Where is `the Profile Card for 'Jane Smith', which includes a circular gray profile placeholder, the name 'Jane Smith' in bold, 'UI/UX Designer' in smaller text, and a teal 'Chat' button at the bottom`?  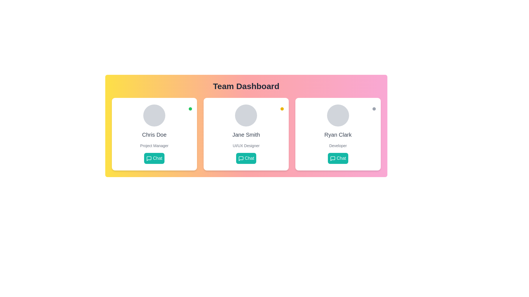 the Profile Card for 'Jane Smith', which includes a circular gray profile placeholder, the name 'Jane Smith' in bold, 'UI/UX Designer' in smaller text, and a teal 'Chat' button at the bottom is located at coordinates (246, 134).